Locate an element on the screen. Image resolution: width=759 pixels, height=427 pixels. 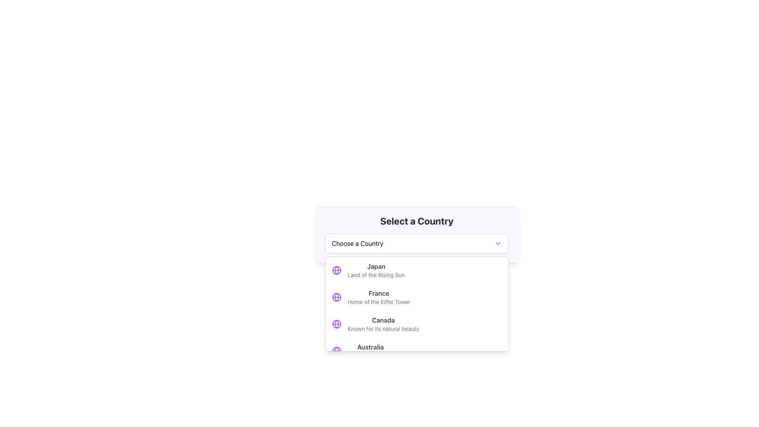
the selectable list item representing 'Australia' in the dropdown list is located at coordinates (416, 350).